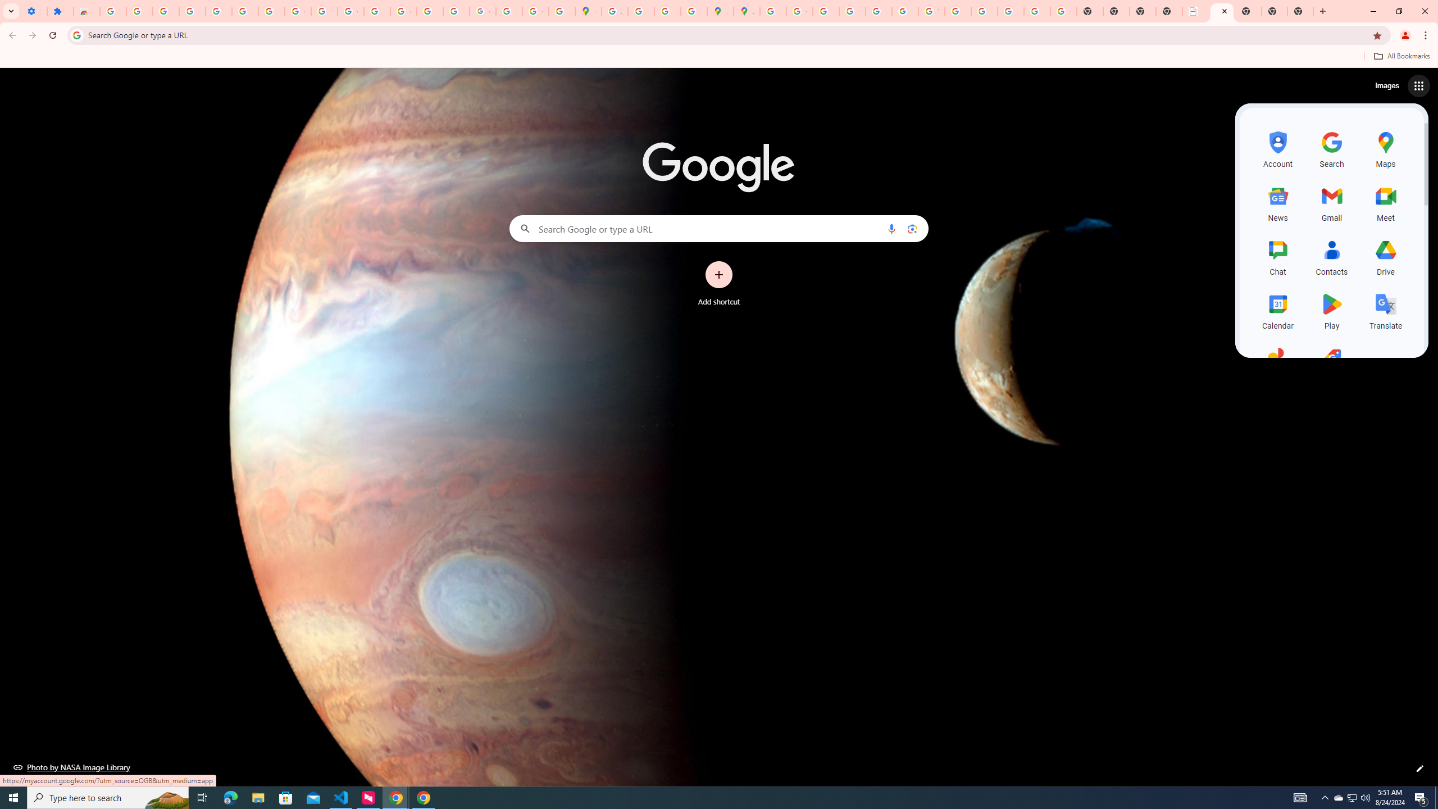 Image resolution: width=1438 pixels, height=809 pixels. What do you see at coordinates (1277, 148) in the screenshot?
I see `'Account, row 1 of 5 and column 1 of 3 in the first section'` at bounding box center [1277, 148].